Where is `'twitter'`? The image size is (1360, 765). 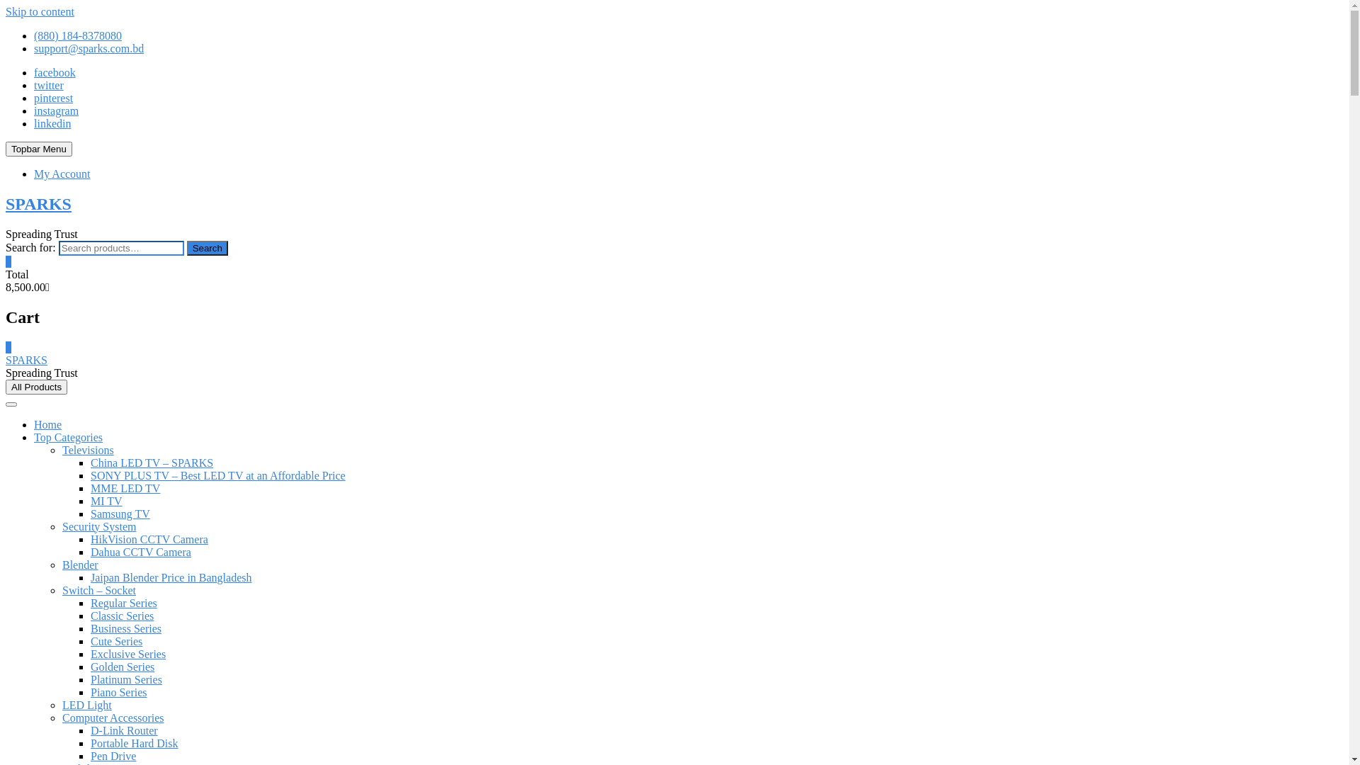 'twitter' is located at coordinates (34, 85).